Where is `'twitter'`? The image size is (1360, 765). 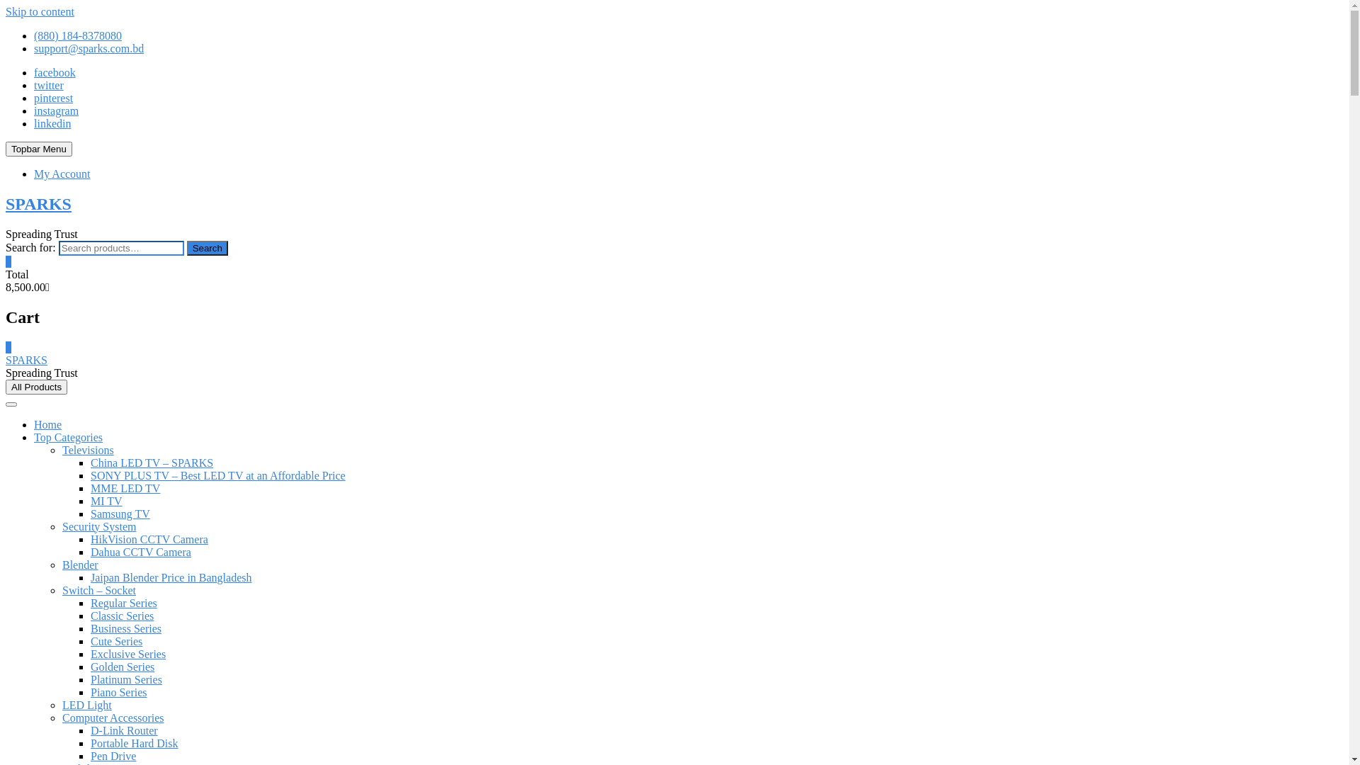 'twitter' is located at coordinates (34, 85).